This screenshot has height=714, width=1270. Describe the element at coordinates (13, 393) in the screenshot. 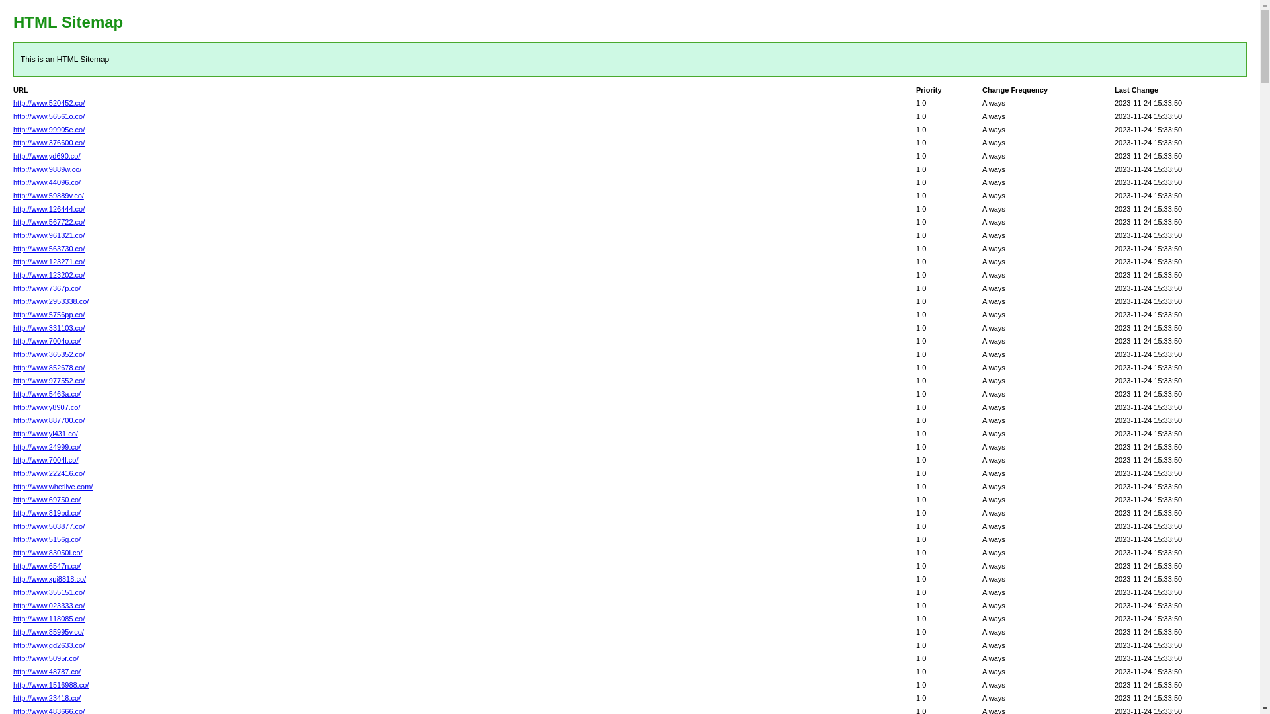

I see `'http://www.5463a.co/'` at that location.